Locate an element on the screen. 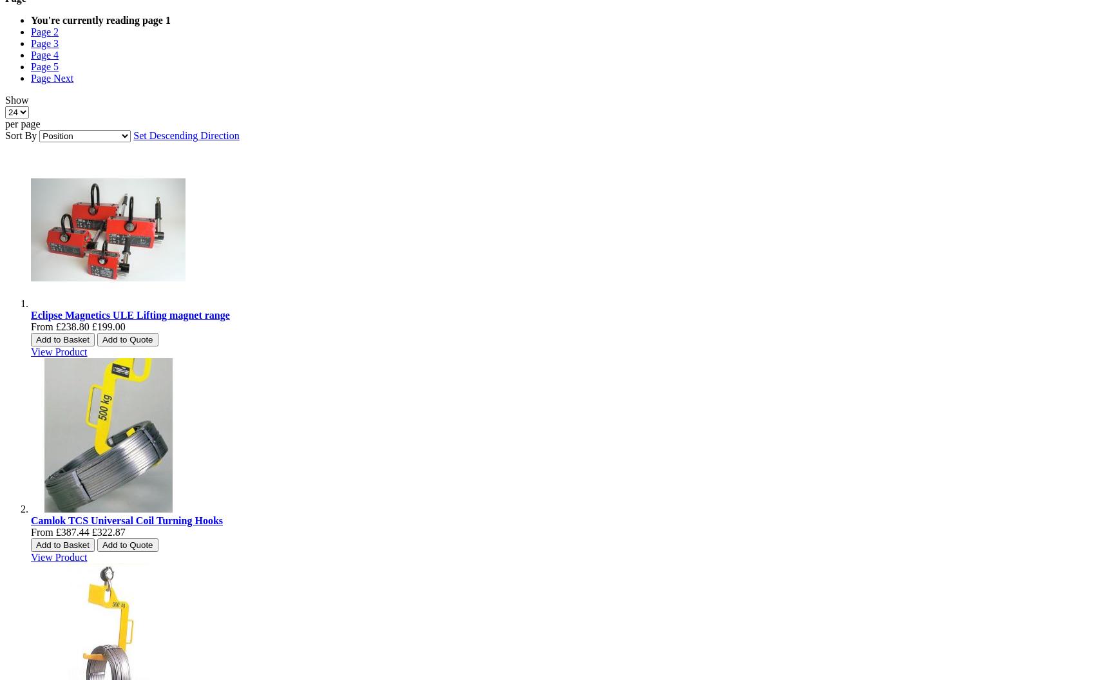 This screenshot has height=680, width=1095. '£322.87' is located at coordinates (107, 532).